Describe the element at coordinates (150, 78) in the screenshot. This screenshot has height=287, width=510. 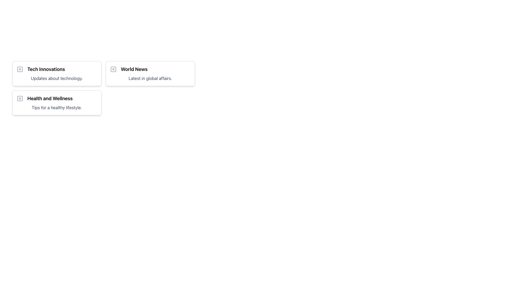
I see `the informational text label summarizing the context or category presented by the title 'World News', located within the second column of a three-card layout` at that location.